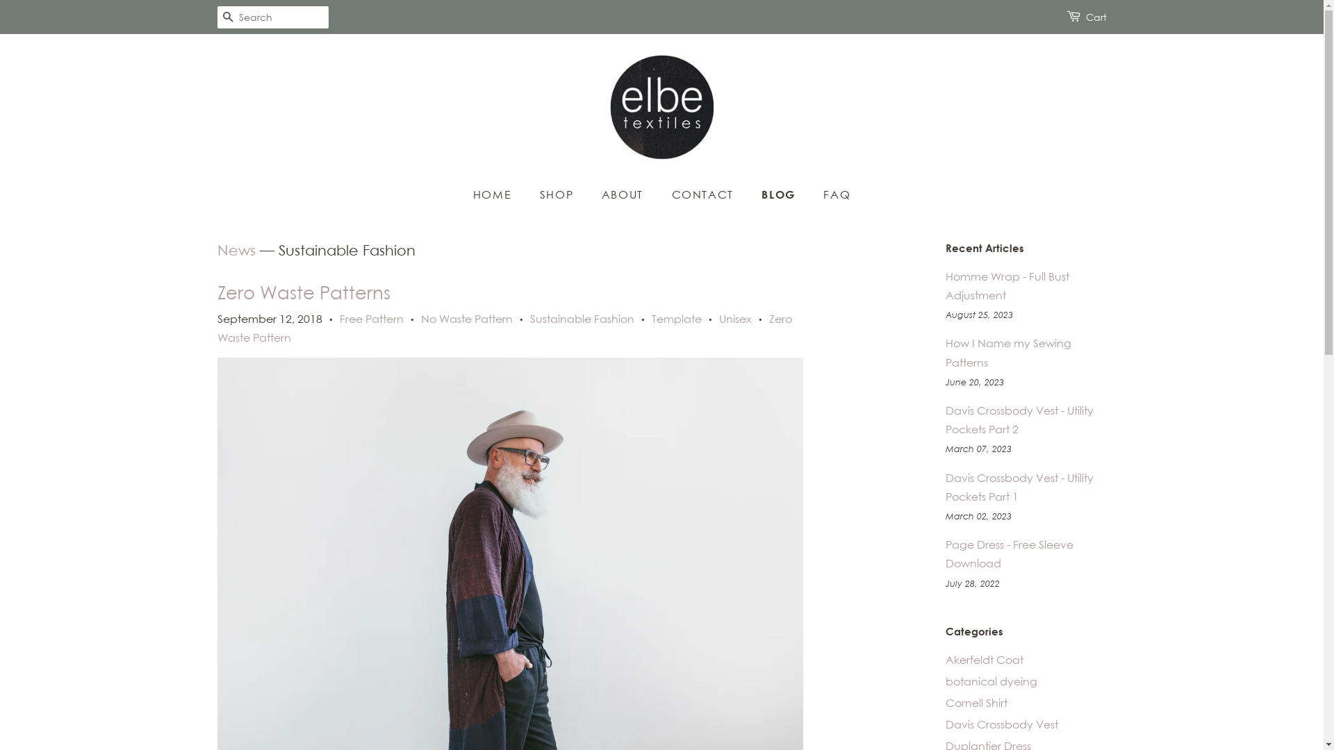 This screenshot has height=750, width=1334. Describe the element at coordinates (704, 194) in the screenshot. I see `'CONTACT'` at that location.